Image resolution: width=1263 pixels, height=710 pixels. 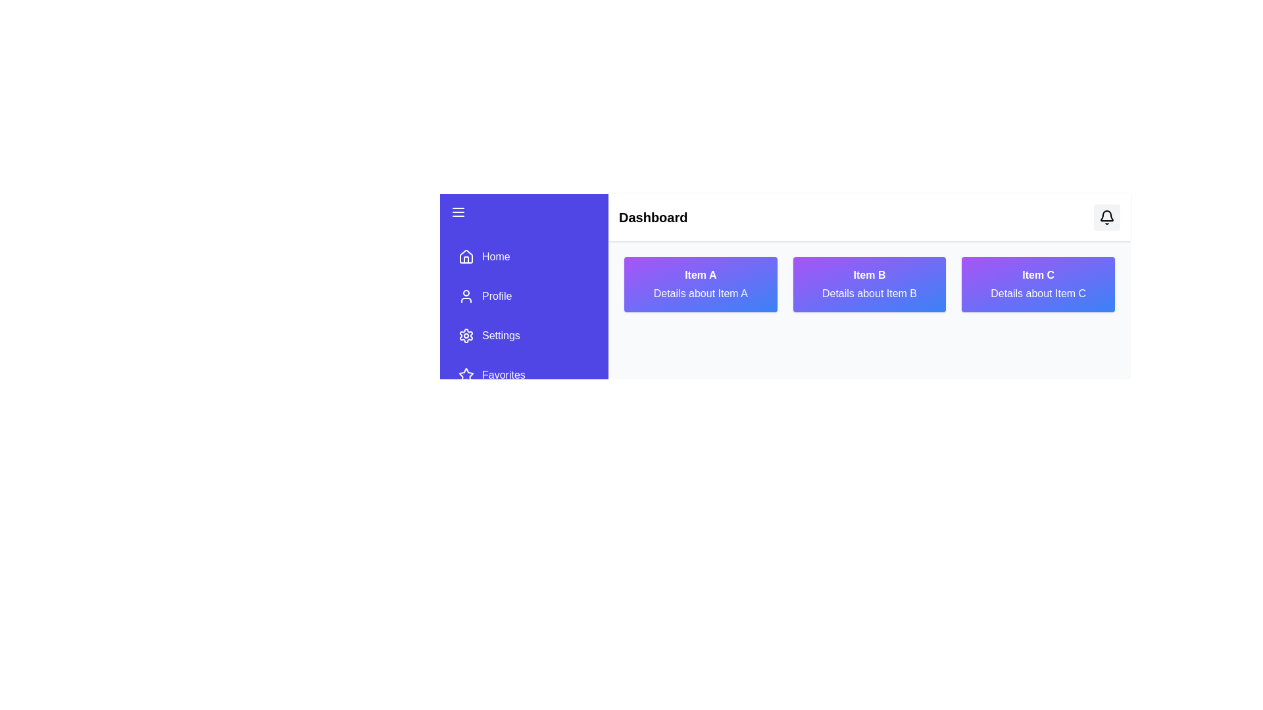 I want to click on the static text label providing additional details for 'Item C' to read the text, so click(x=1037, y=293).